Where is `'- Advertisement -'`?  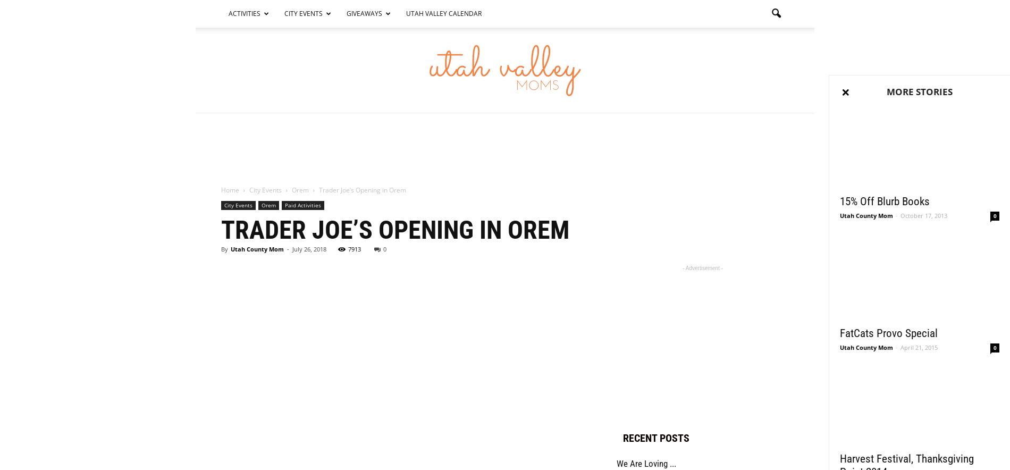
'- Advertisement -' is located at coordinates (682, 267).